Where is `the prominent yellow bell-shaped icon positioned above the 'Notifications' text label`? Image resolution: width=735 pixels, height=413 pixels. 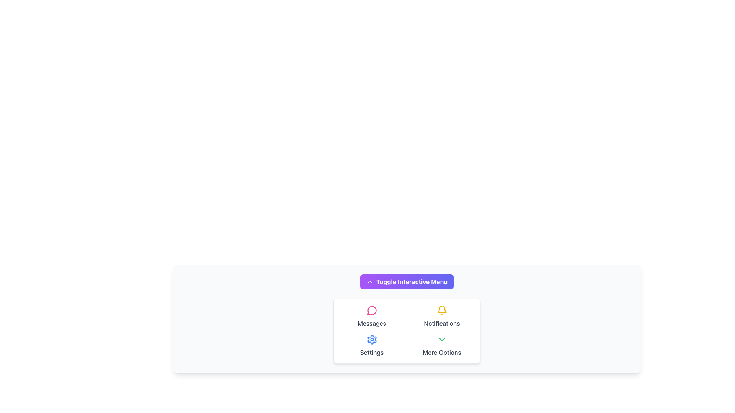 the prominent yellow bell-shaped icon positioned above the 'Notifications' text label is located at coordinates (442, 311).